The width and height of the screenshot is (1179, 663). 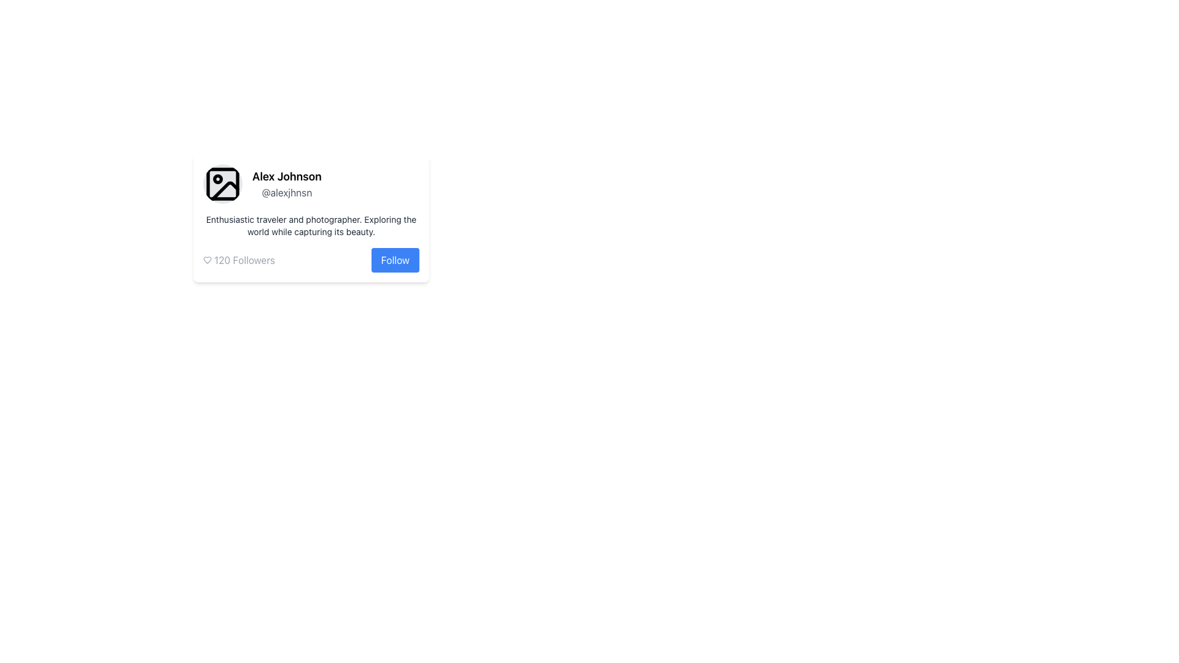 I want to click on the outlined heart icon, which is styled in a minimalistic gray design and is positioned to the left of the '120 Followers' text in the follower display section, so click(x=207, y=260).